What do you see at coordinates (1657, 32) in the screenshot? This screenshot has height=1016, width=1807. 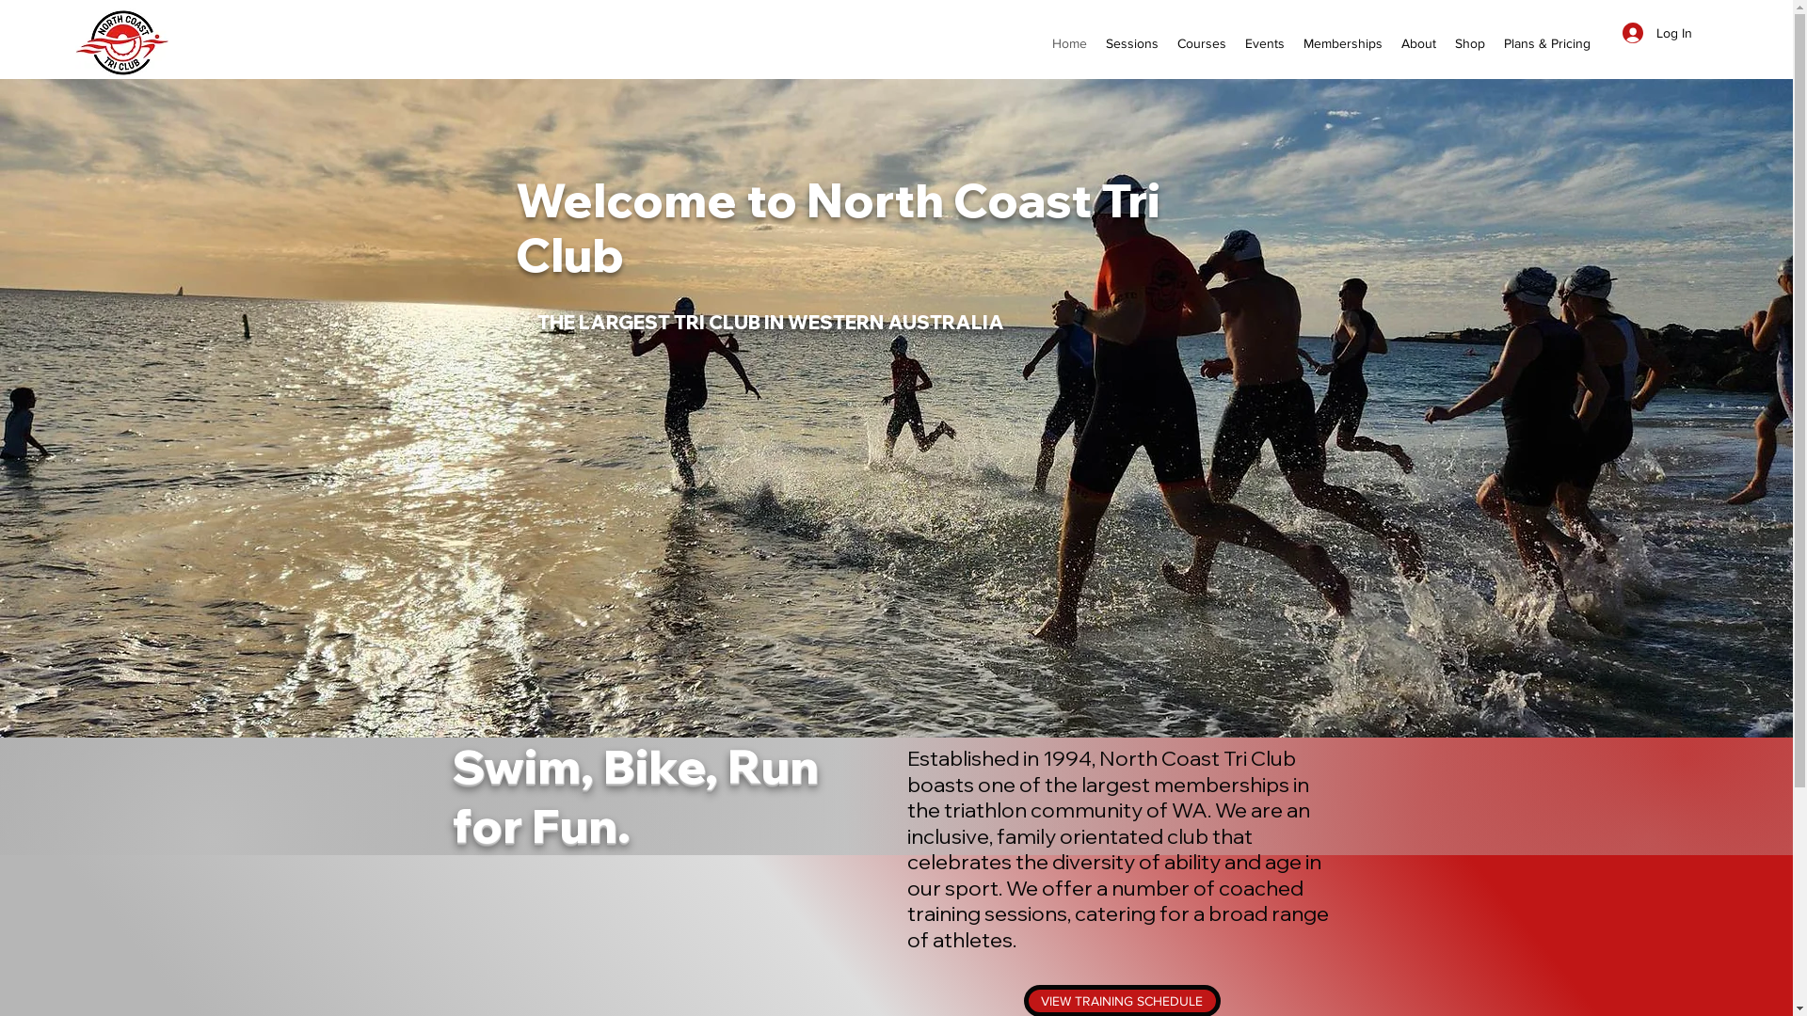 I see `'Log In'` at bounding box center [1657, 32].